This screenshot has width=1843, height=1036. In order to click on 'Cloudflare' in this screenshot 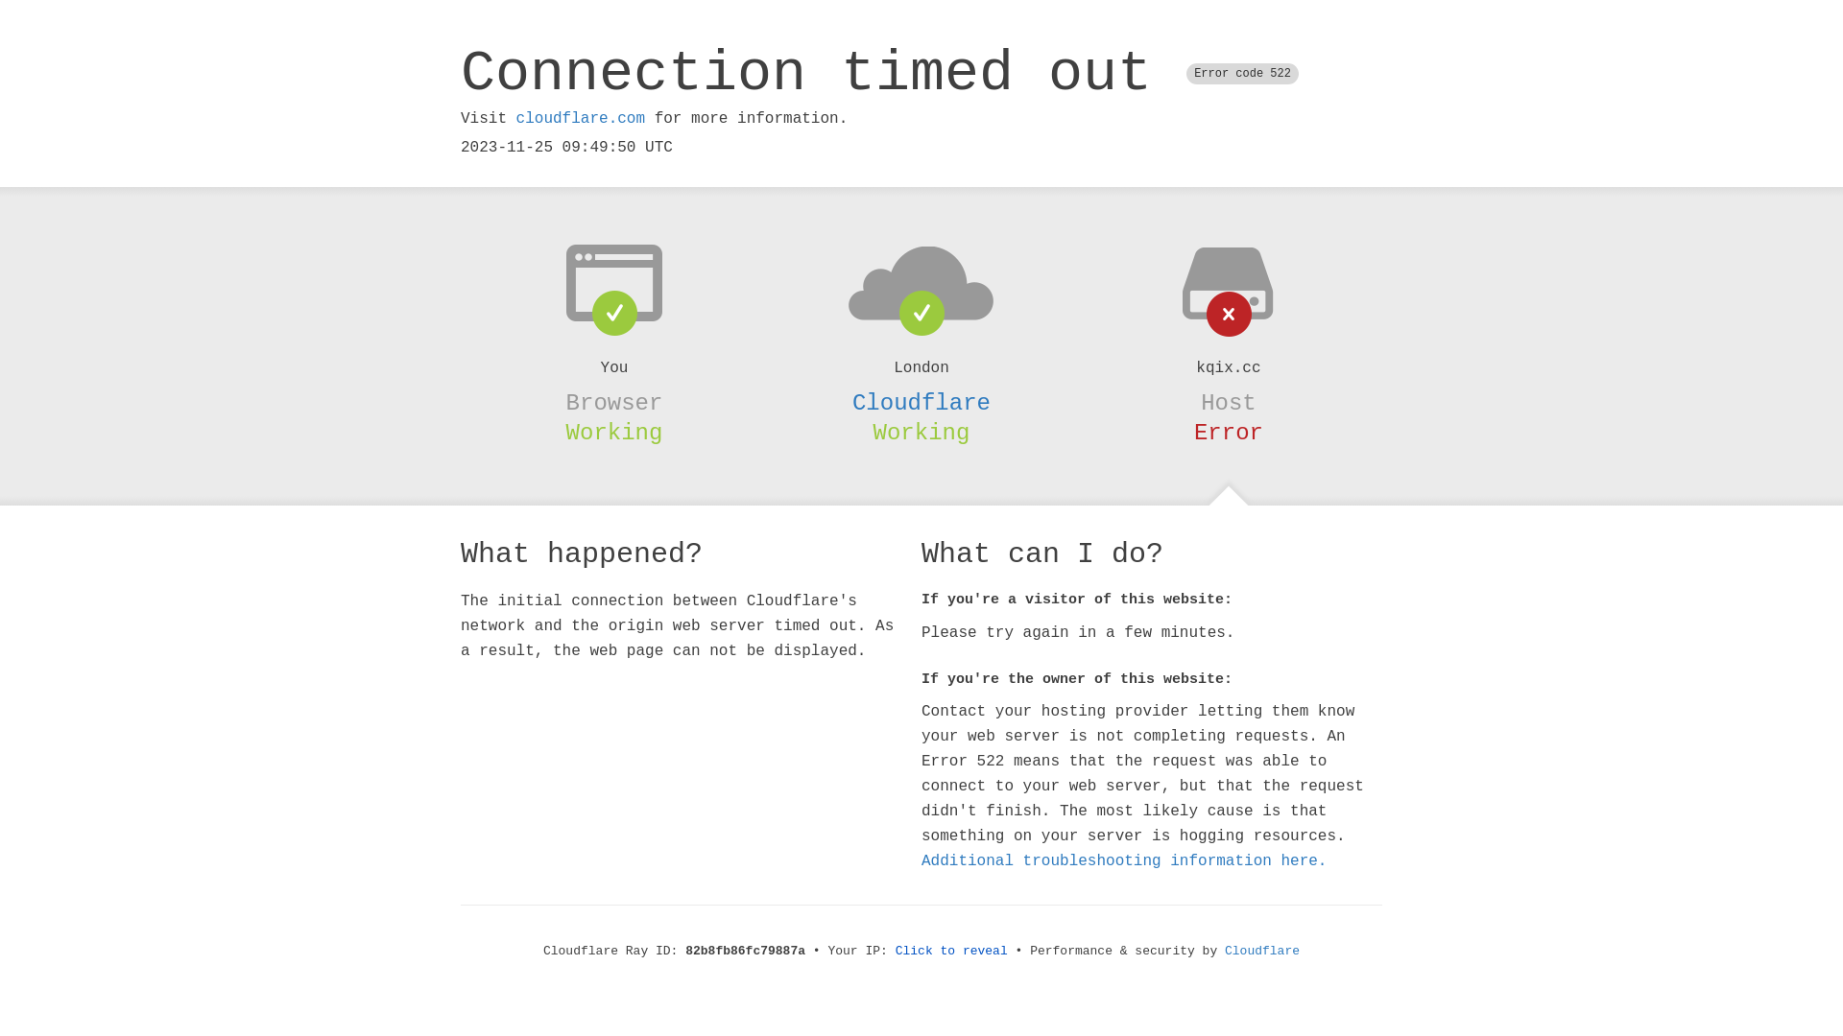, I will do `click(921, 402)`.